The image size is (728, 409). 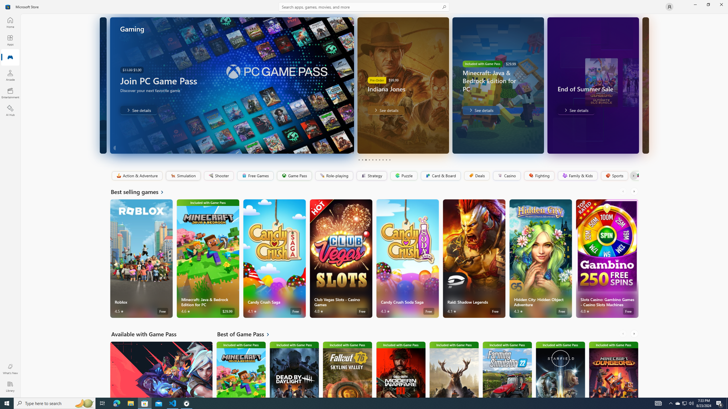 What do you see at coordinates (372, 160) in the screenshot?
I see `'Page 5'` at bounding box center [372, 160].